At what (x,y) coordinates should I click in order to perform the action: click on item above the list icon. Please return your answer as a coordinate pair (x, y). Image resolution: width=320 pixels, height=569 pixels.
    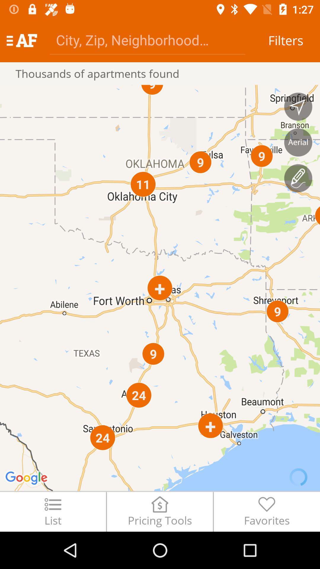
    Looking at the image, I should click on (160, 288).